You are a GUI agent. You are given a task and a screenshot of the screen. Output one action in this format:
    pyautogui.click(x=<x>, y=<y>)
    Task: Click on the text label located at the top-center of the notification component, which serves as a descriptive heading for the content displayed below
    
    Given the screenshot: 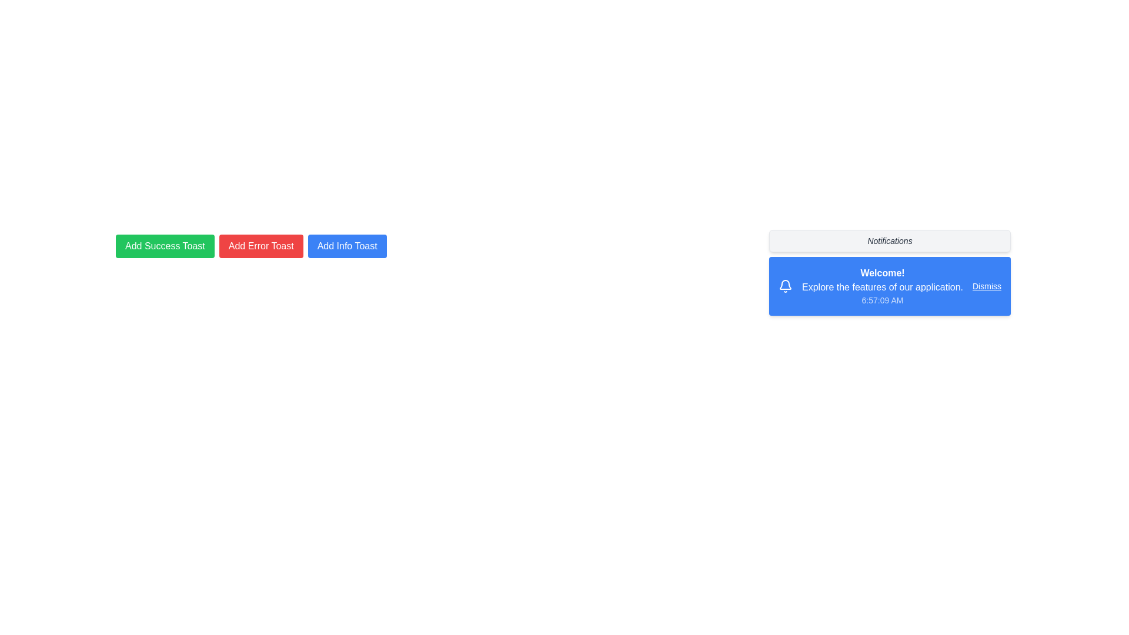 What is the action you would take?
    pyautogui.click(x=890, y=240)
    